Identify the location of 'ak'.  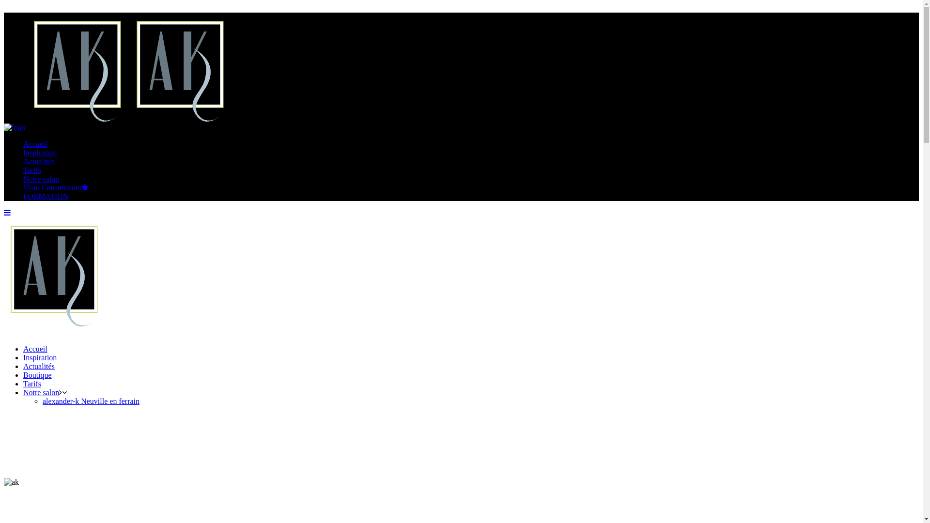
(11, 482).